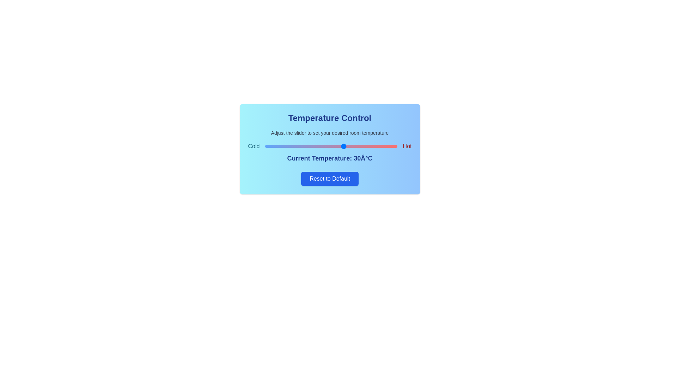 The image size is (677, 381). I want to click on the temperature slider to set the temperature to 49°C, so click(394, 146).